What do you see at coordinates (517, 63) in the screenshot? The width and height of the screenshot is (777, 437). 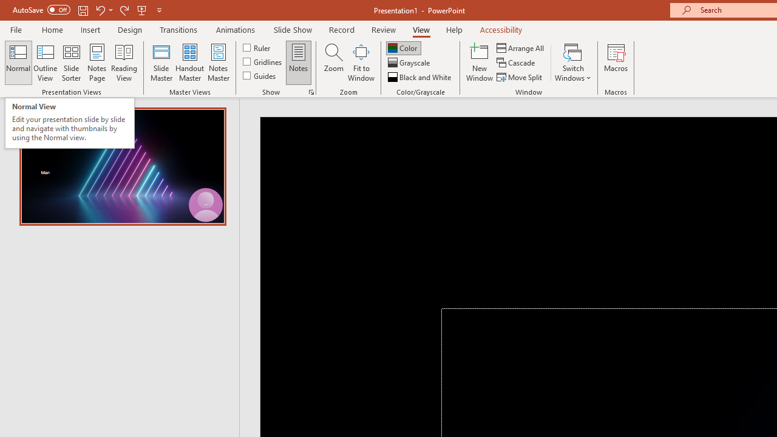 I see `'Cascade'` at bounding box center [517, 63].